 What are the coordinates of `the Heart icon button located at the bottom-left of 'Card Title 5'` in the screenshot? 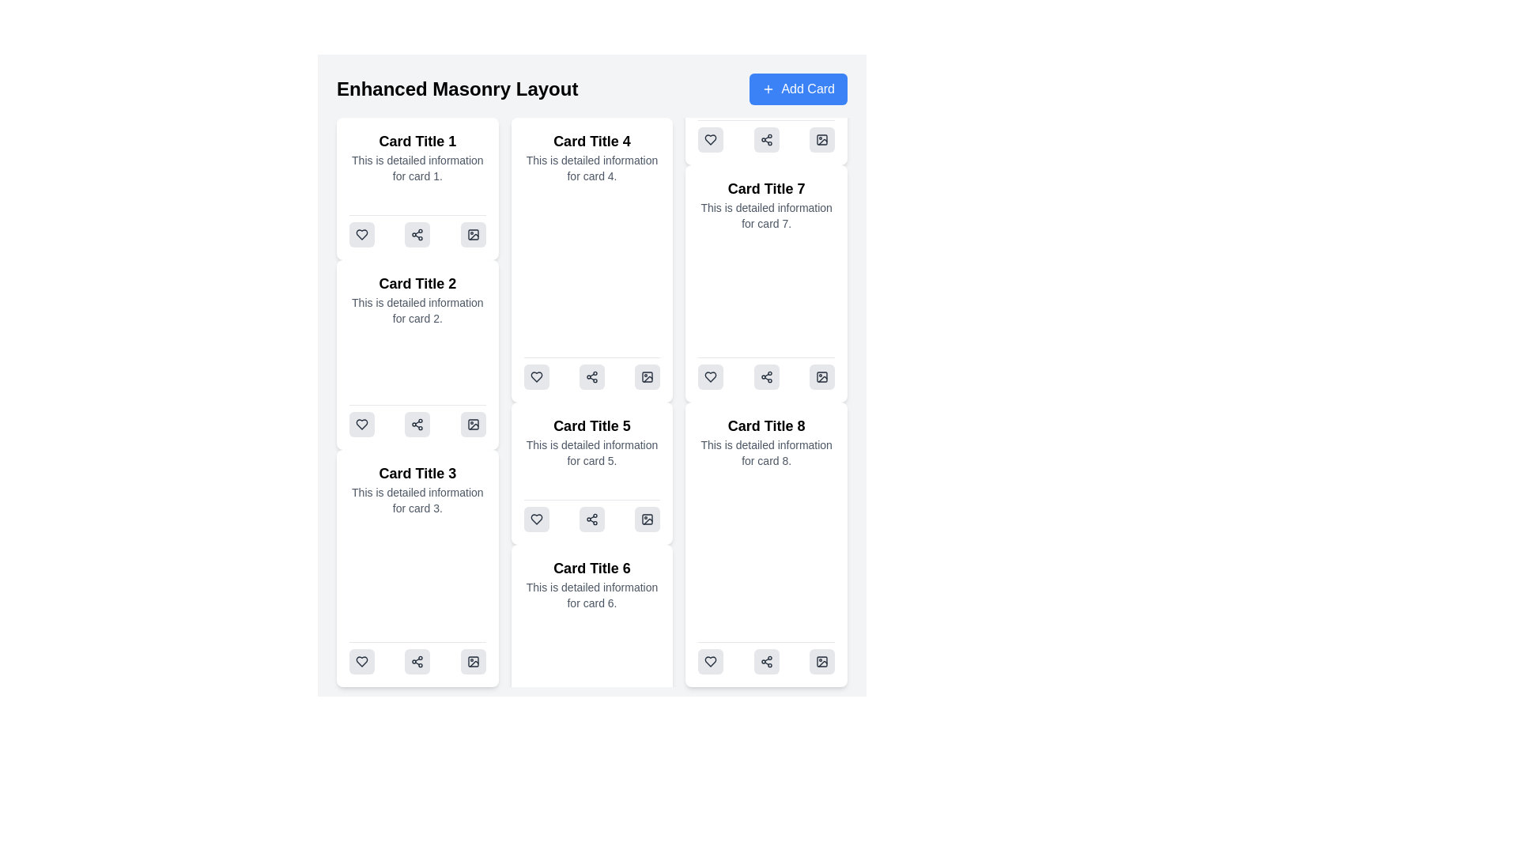 It's located at (536, 377).